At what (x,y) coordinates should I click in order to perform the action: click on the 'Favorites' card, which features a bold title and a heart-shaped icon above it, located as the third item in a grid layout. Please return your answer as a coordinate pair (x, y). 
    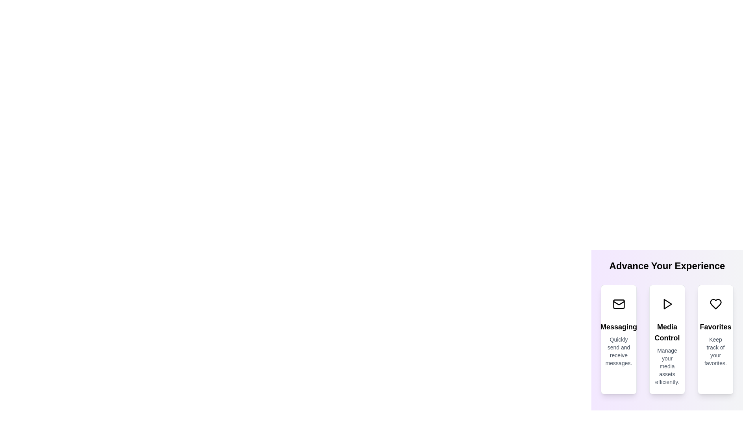
    Looking at the image, I should click on (715, 339).